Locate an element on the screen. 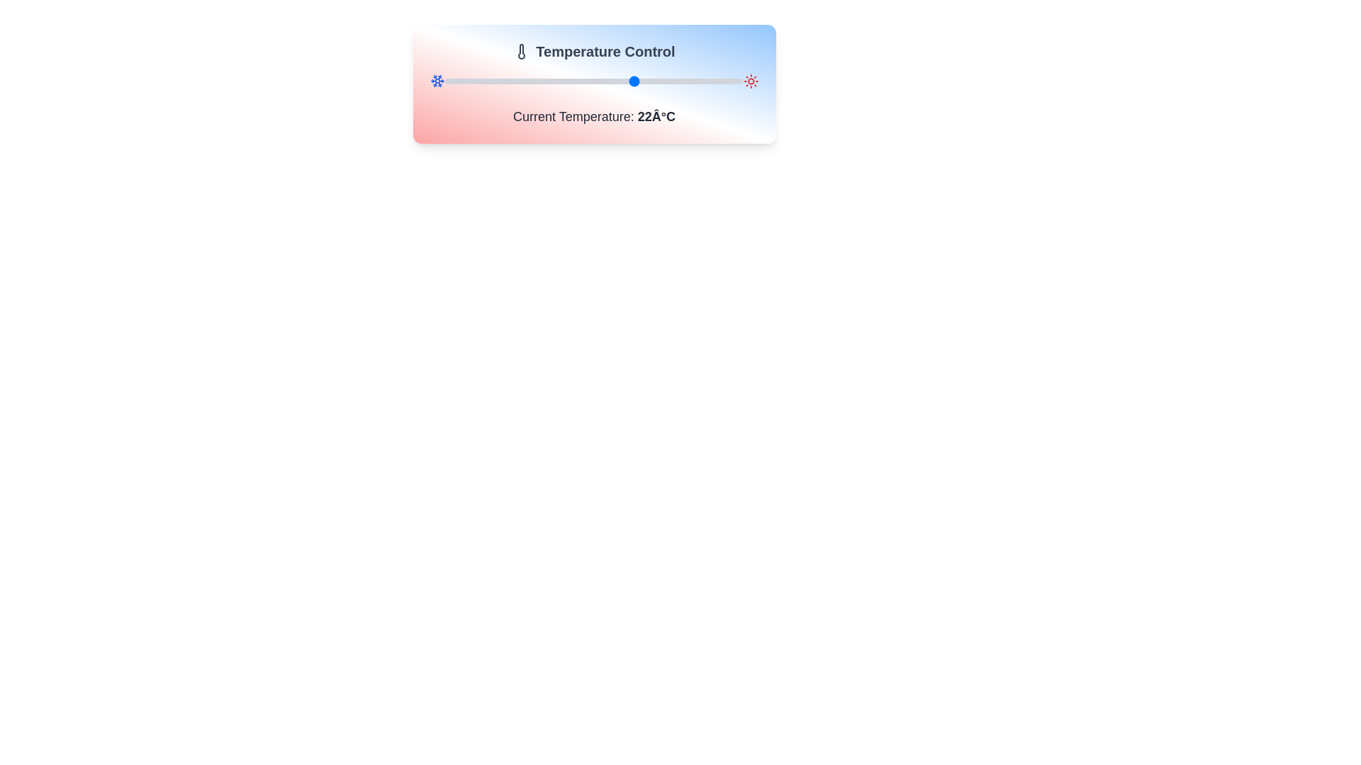 This screenshot has width=1361, height=765. the temperature is located at coordinates (551, 81).